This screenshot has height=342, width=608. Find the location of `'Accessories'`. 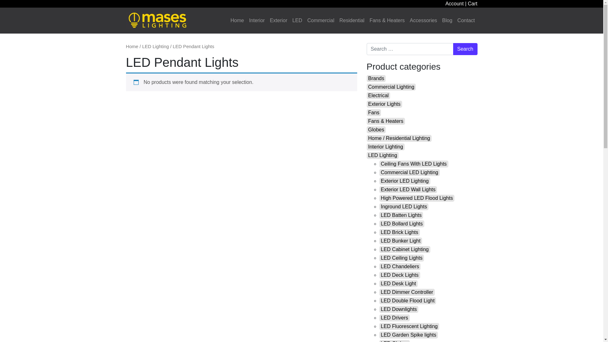

'Accessories' is located at coordinates (423, 20).